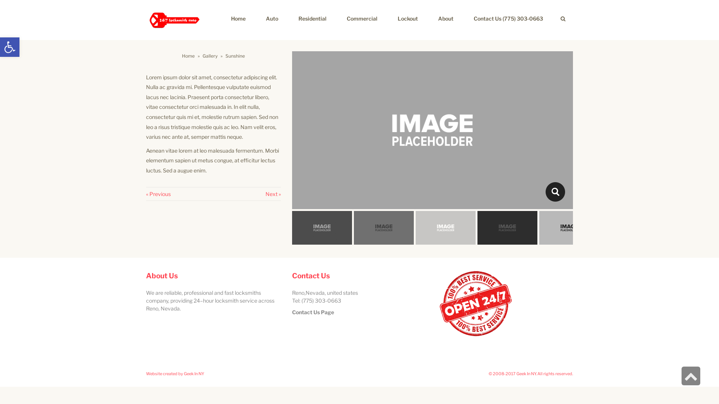  What do you see at coordinates (690, 376) in the screenshot?
I see `'Scroll to top'` at bounding box center [690, 376].